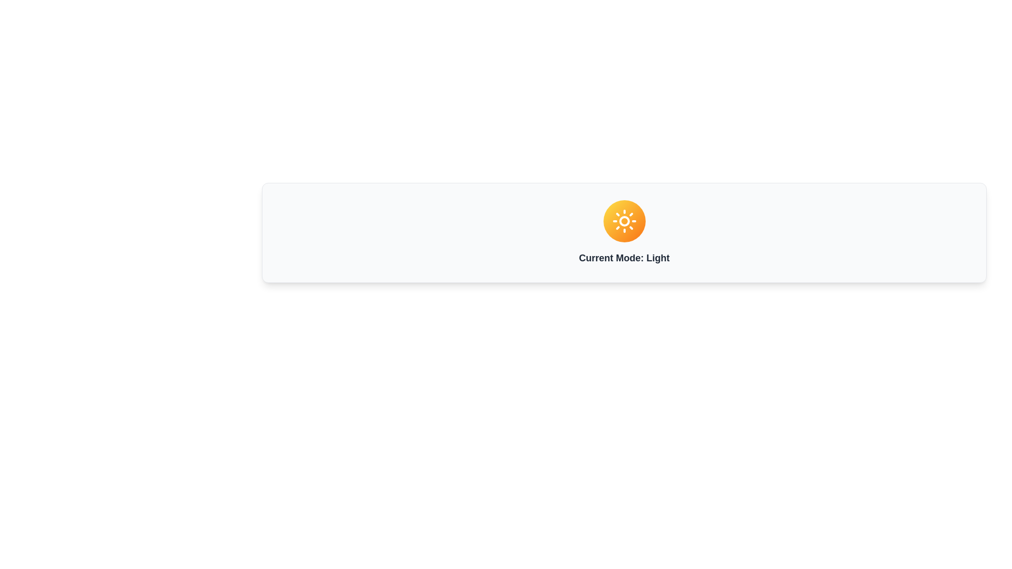 The image size is (1012, 569). Describe the element at coordinates (624, 221) in the screenshot. I see `the core circular portion of the sun icon, which visually emphasizes the light mode indicator` at that location.